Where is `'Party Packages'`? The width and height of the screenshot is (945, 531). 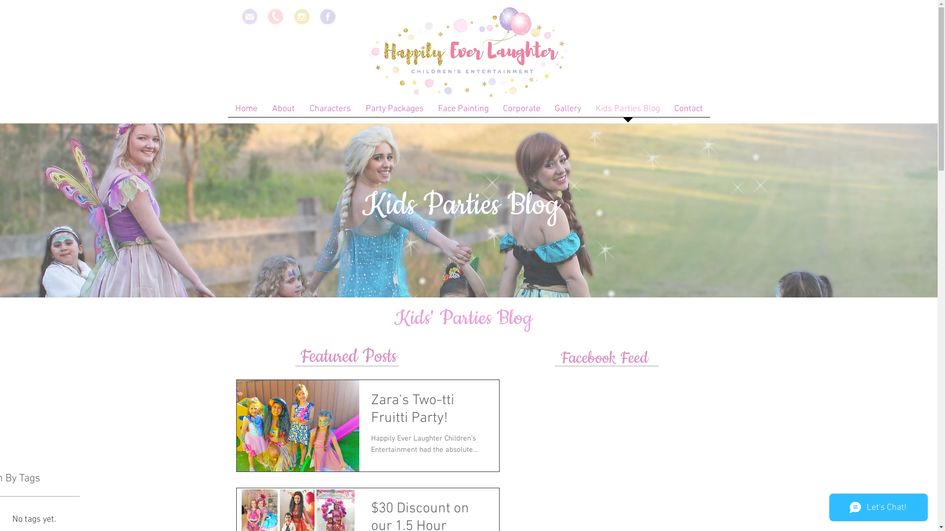 'Party Packages' is located at coordinates (394, 111).